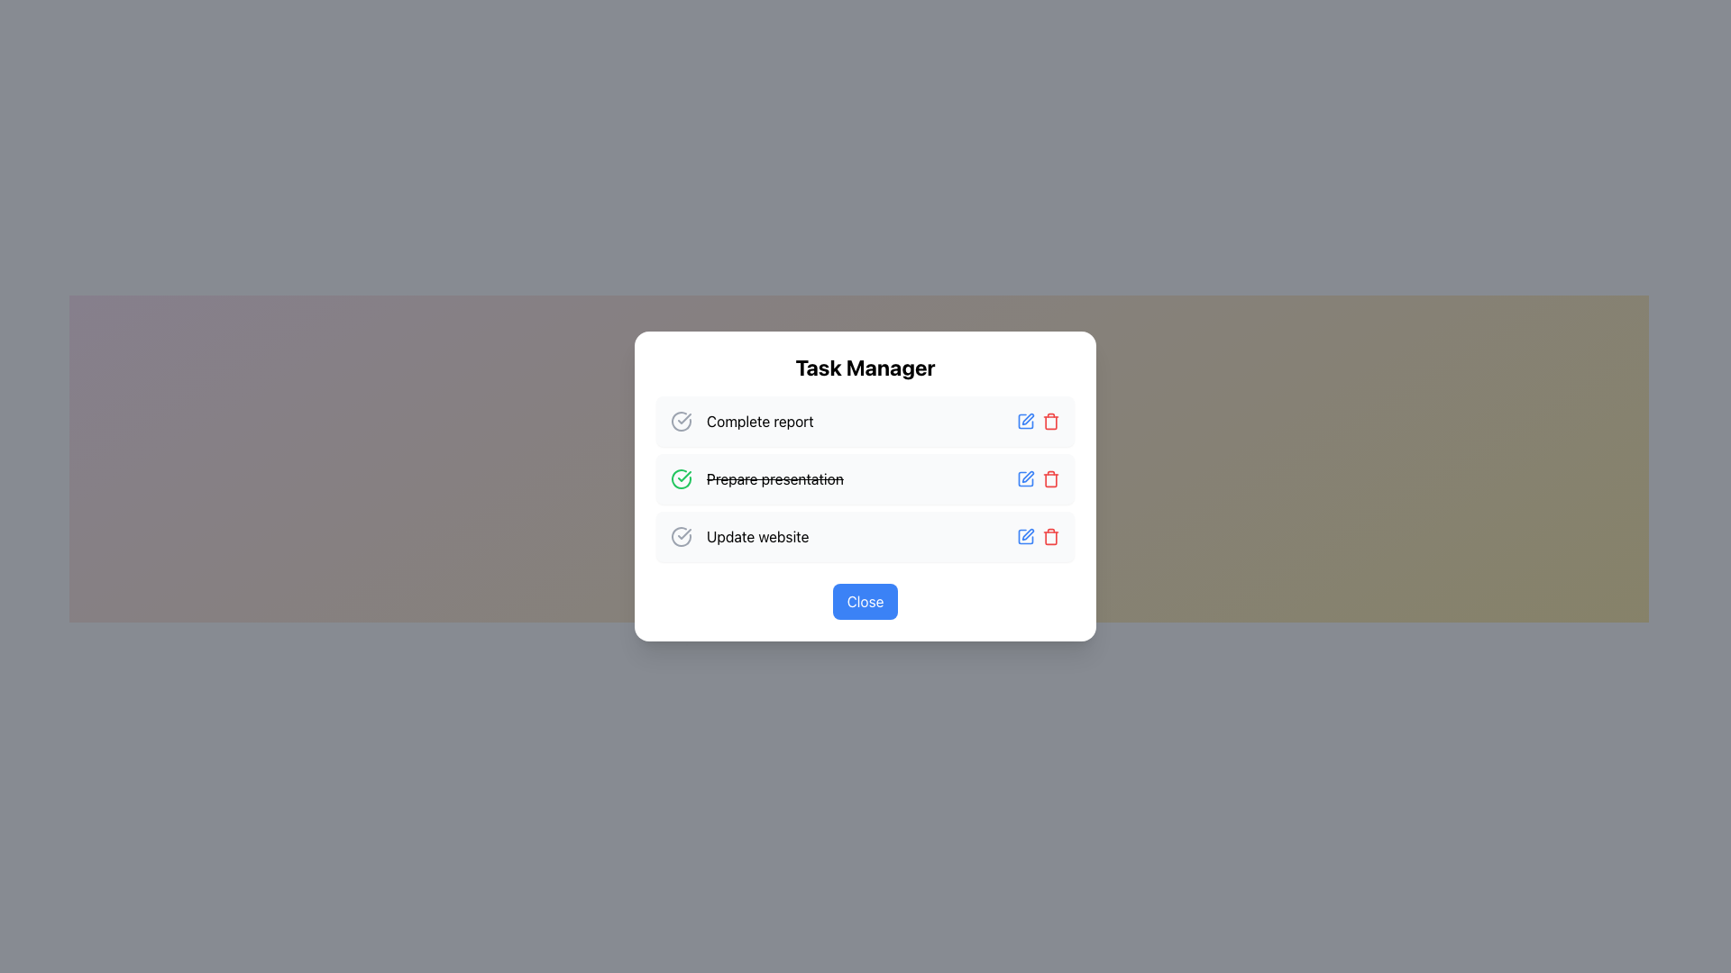  Describe the element at coordinates (865, 478) in the screenshot. I see `the task item 'Prepare presentation' in the List Section, which is styled with a strikethrough font` at that location.